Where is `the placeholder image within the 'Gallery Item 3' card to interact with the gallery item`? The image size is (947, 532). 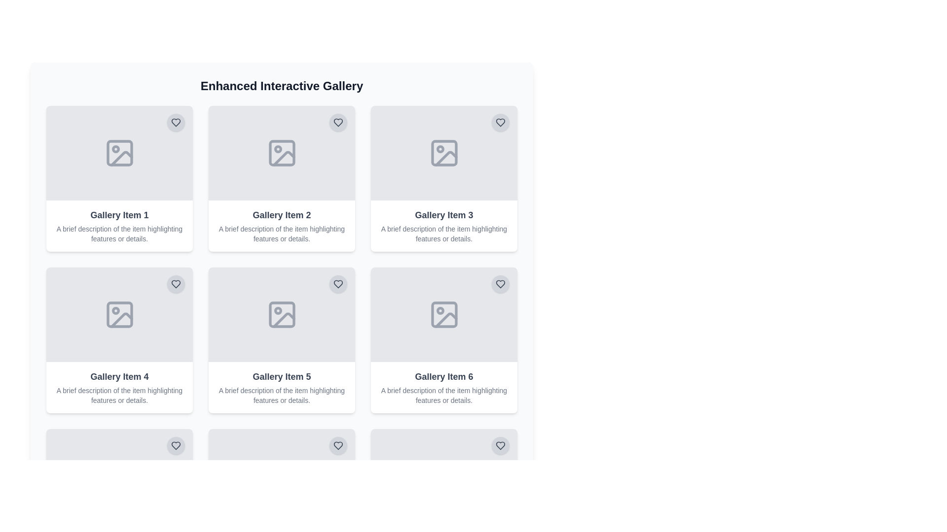
the placeholder image within the 'Gallery Item 3' card to interact with the gallery item is located at coordinates (443, 153).